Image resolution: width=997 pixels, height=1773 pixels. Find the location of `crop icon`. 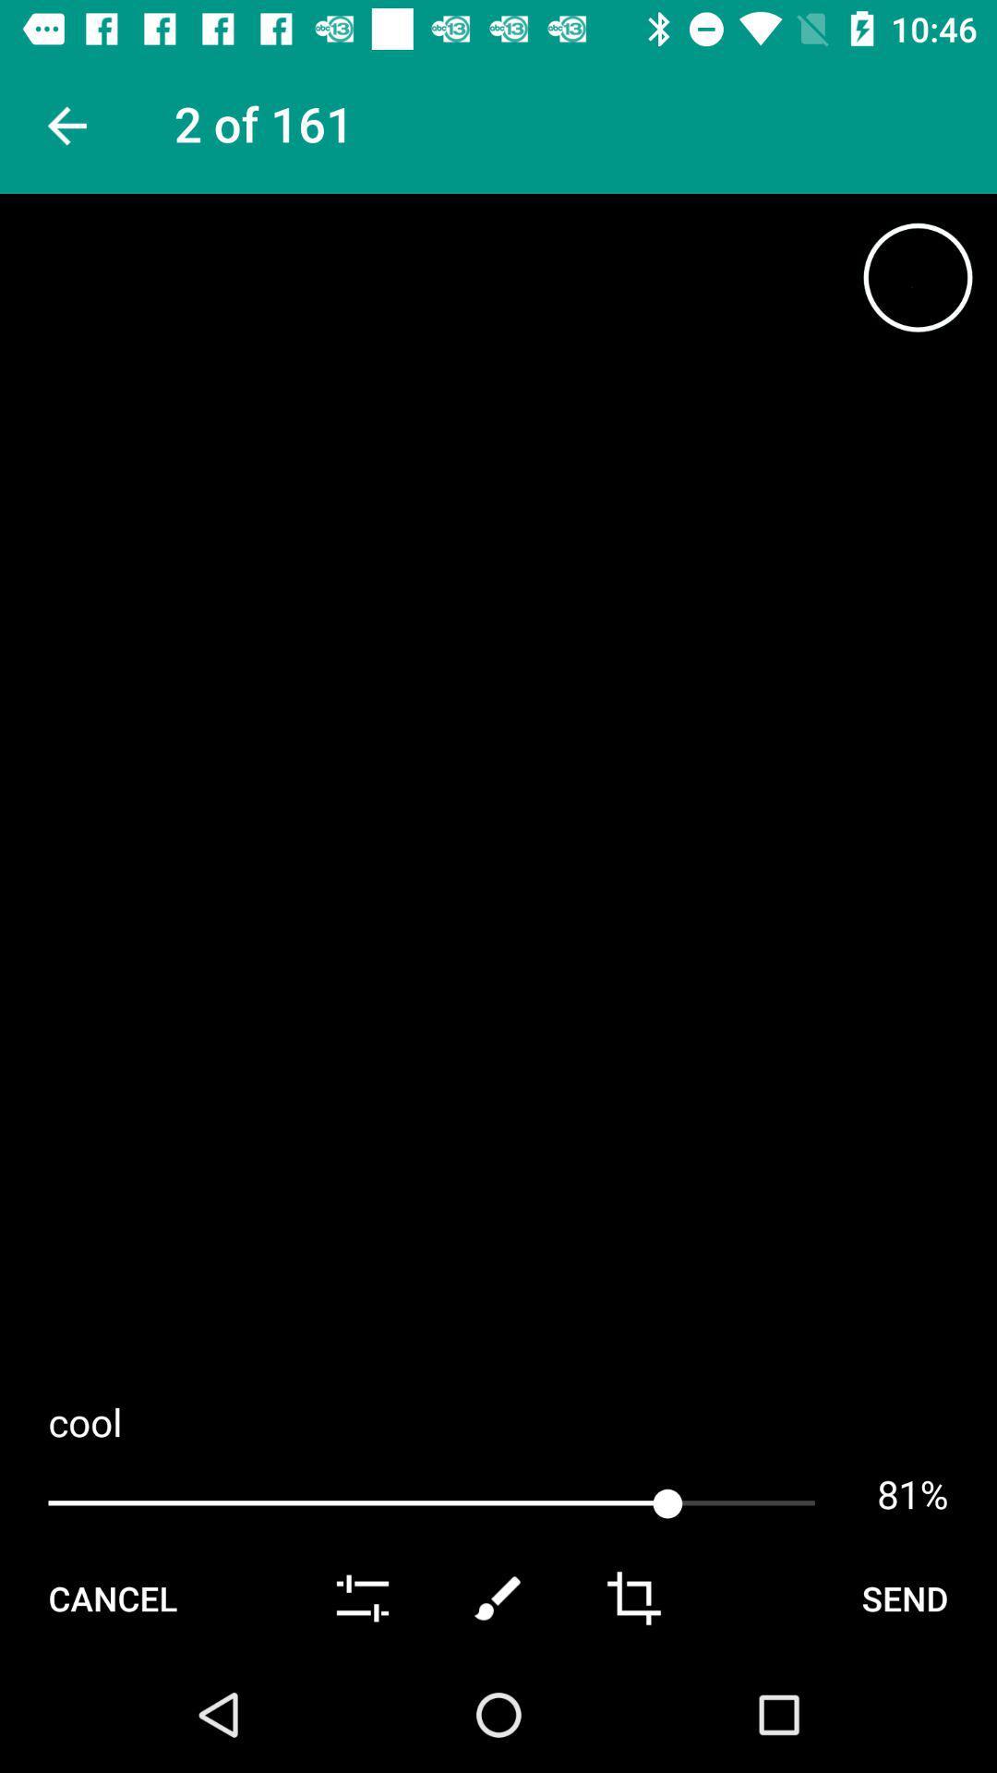

crop icon is located at coordinates (632, 1598).